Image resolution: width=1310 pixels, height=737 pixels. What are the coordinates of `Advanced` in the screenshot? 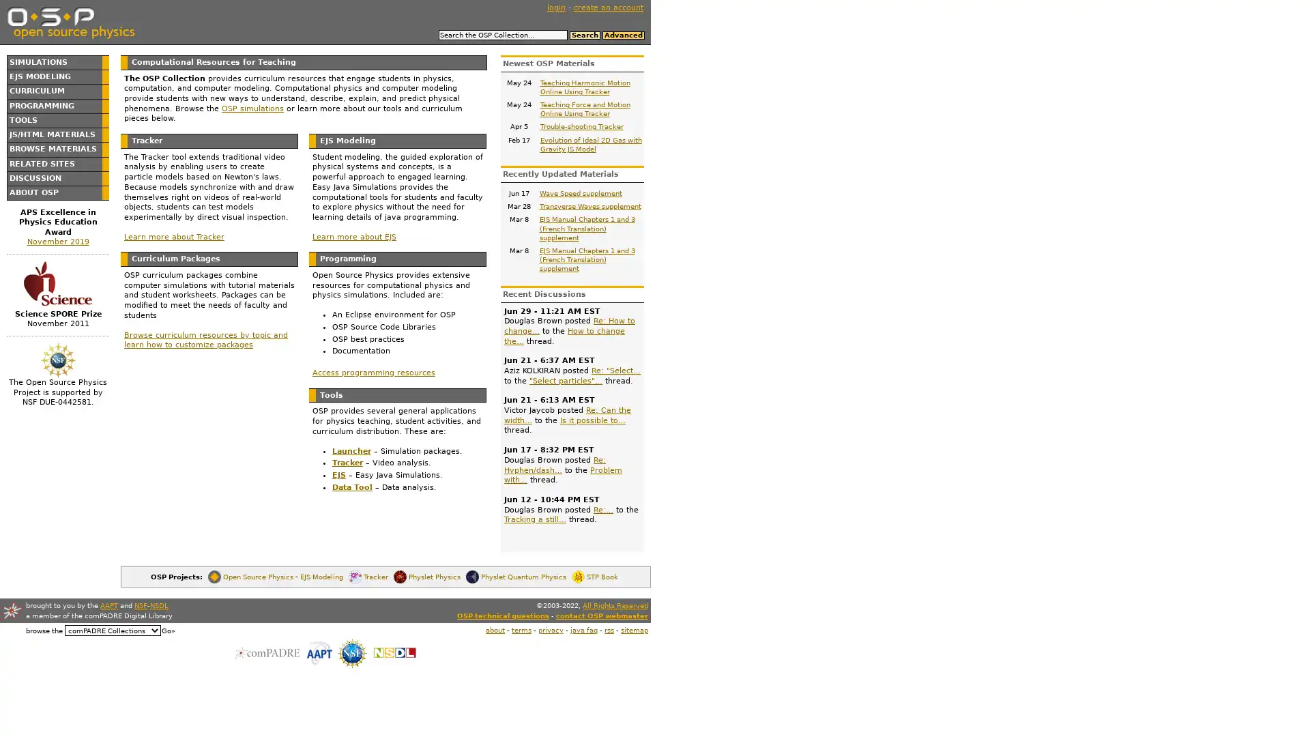 It's located at (622, 34).